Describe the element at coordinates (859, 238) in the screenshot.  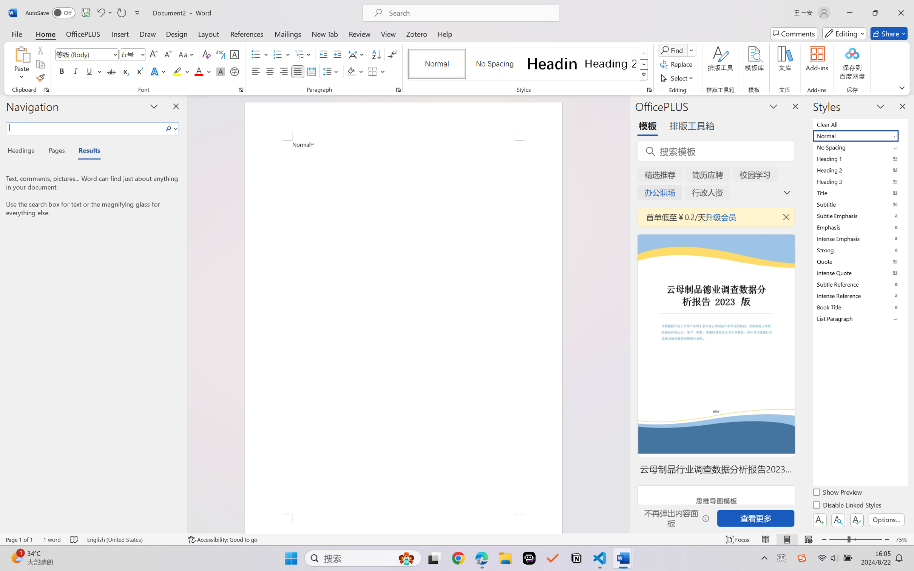
I see `'Intense Emphasis'` at that location.